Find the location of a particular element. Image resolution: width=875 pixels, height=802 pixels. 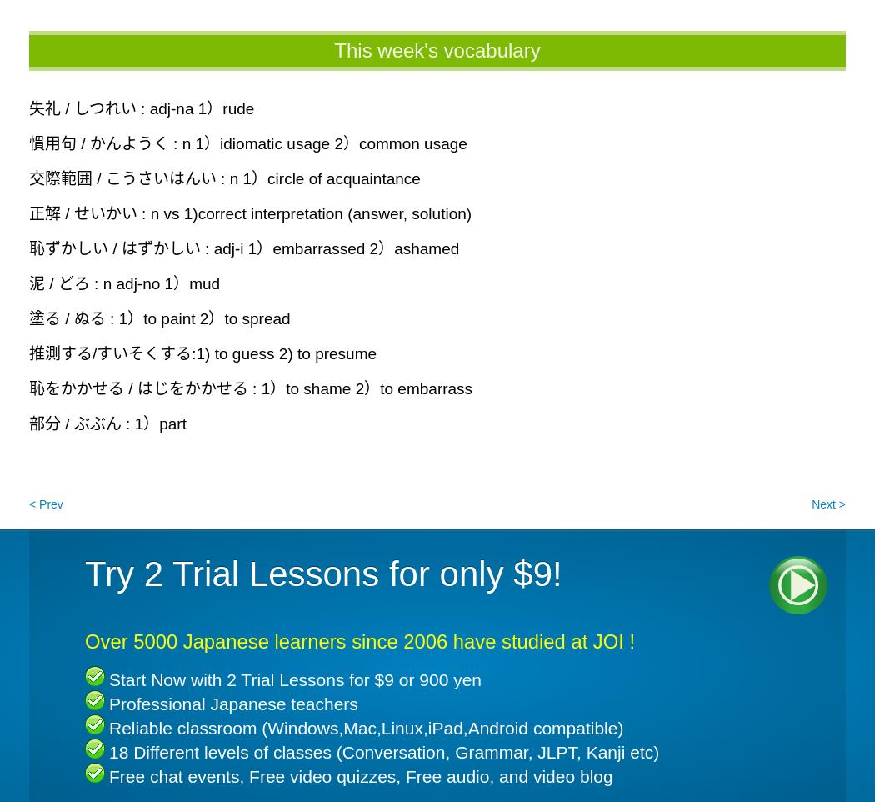

'Professional Japanese teachers' is located at coordinates (108, 704).